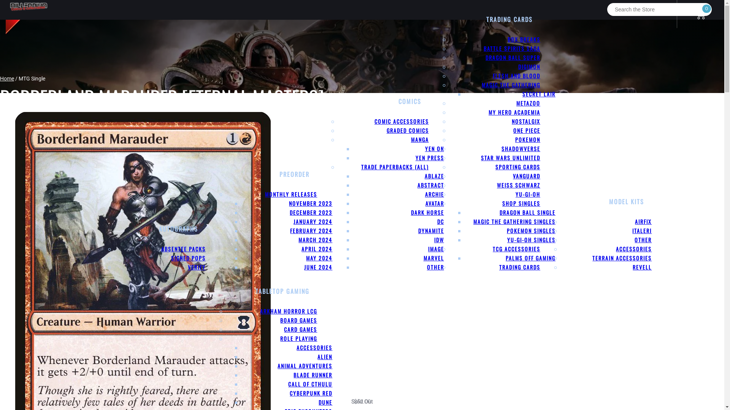  What do you see at coordinates (290, 194) in the screenshot?
I see `'MONTHLY RELEASES'` at bounding box center [290, 194].